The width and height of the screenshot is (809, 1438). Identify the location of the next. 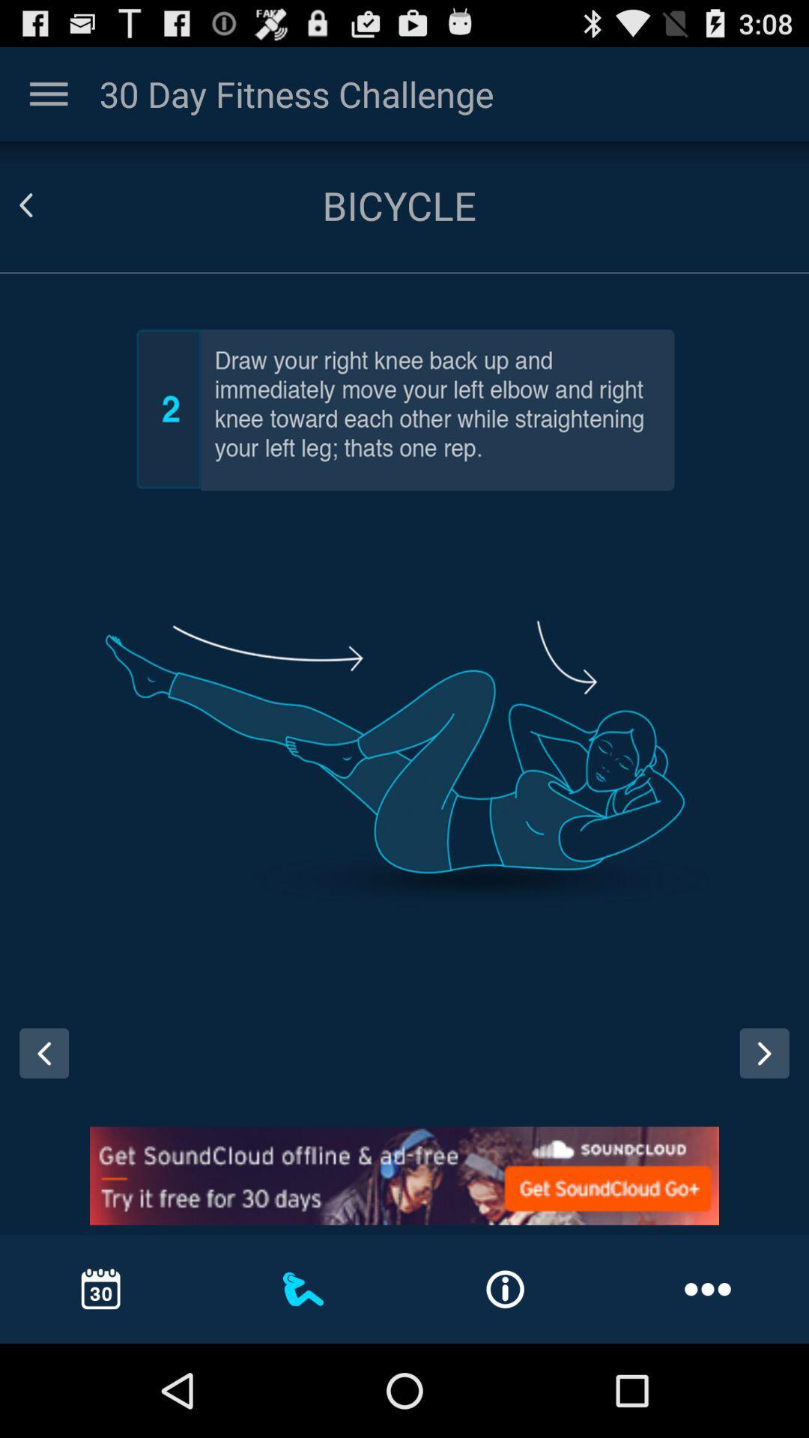
(769, 1067).